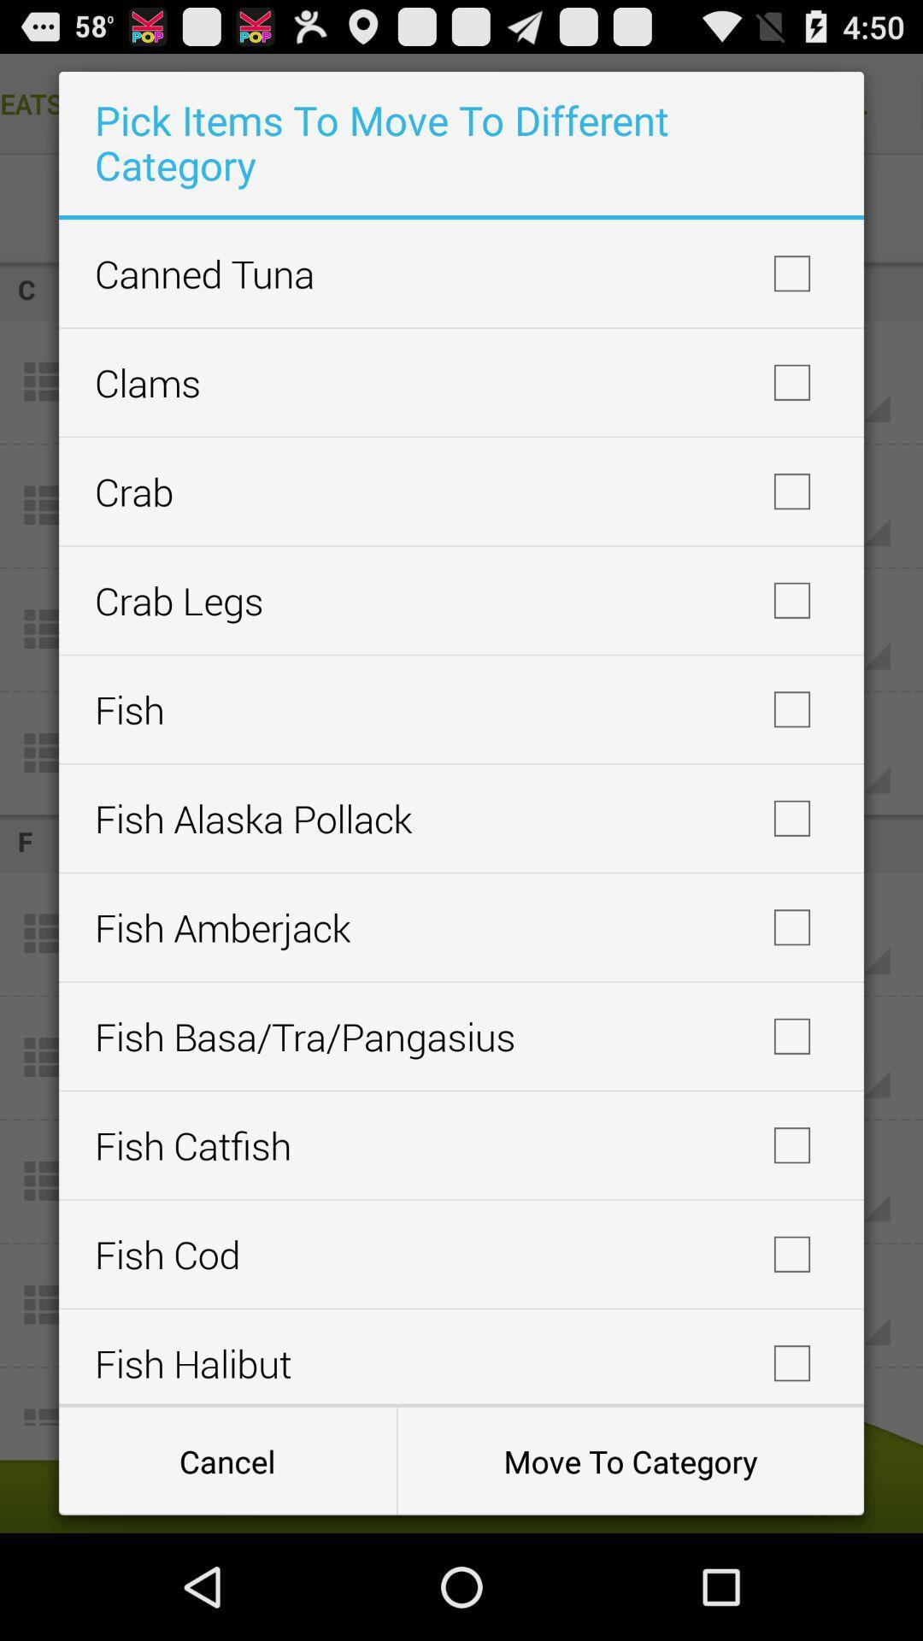 The width and height of the screenshot is (923, 1641). What do you see at coordinates (226, 1460) in the screenshot?
I see `icon below fish halibut checkbox` at bounding box center [226, 1460].